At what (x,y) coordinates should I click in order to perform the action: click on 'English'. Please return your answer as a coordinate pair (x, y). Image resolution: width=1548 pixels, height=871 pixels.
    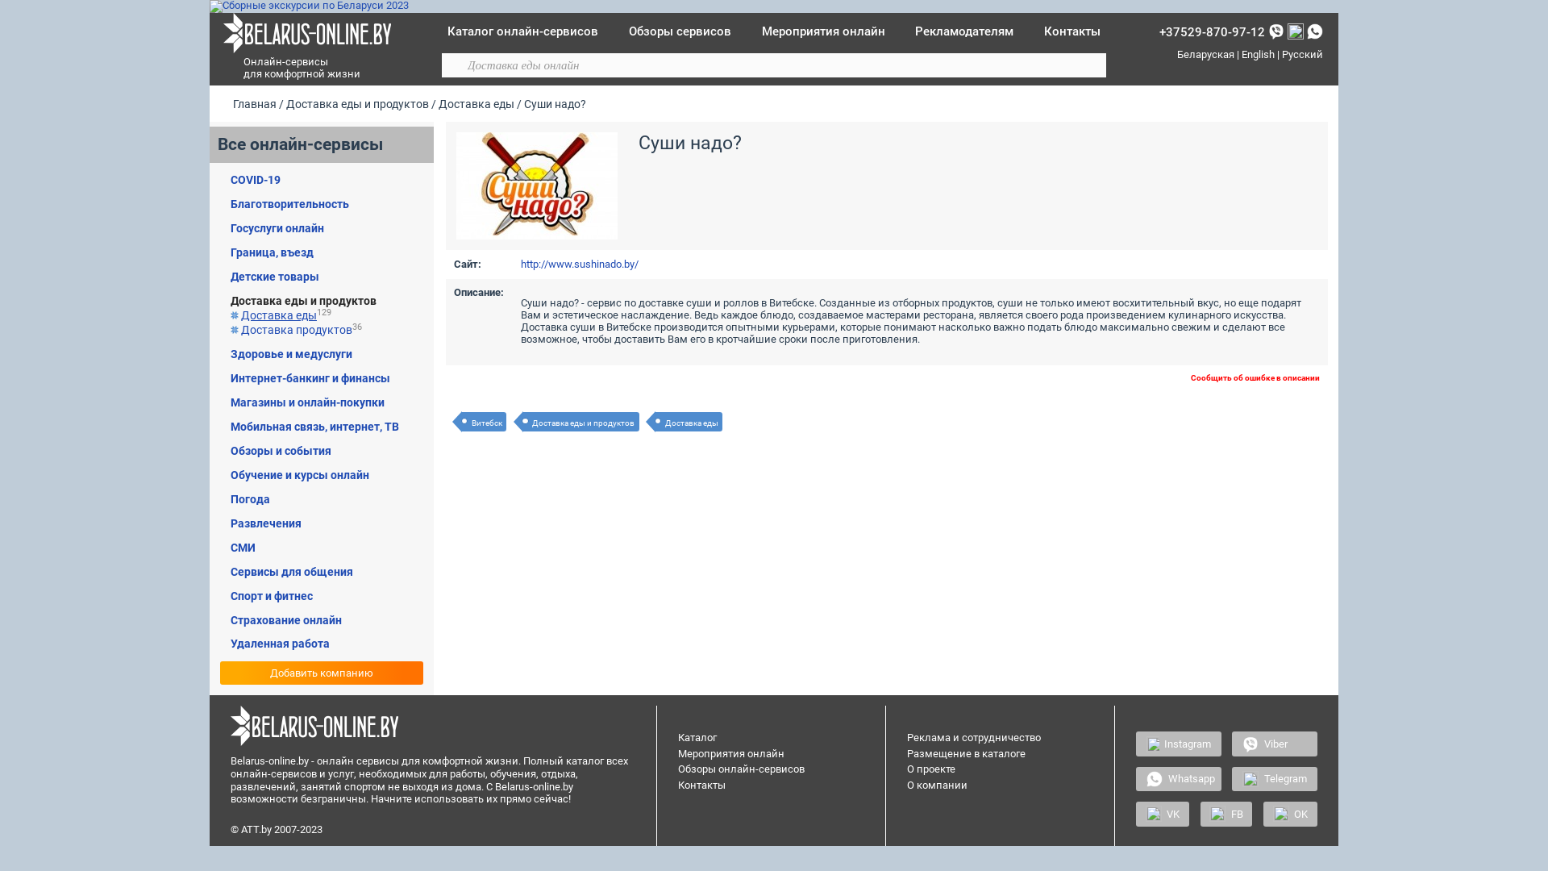
    Looking at the image, I should click on (1257, 53).